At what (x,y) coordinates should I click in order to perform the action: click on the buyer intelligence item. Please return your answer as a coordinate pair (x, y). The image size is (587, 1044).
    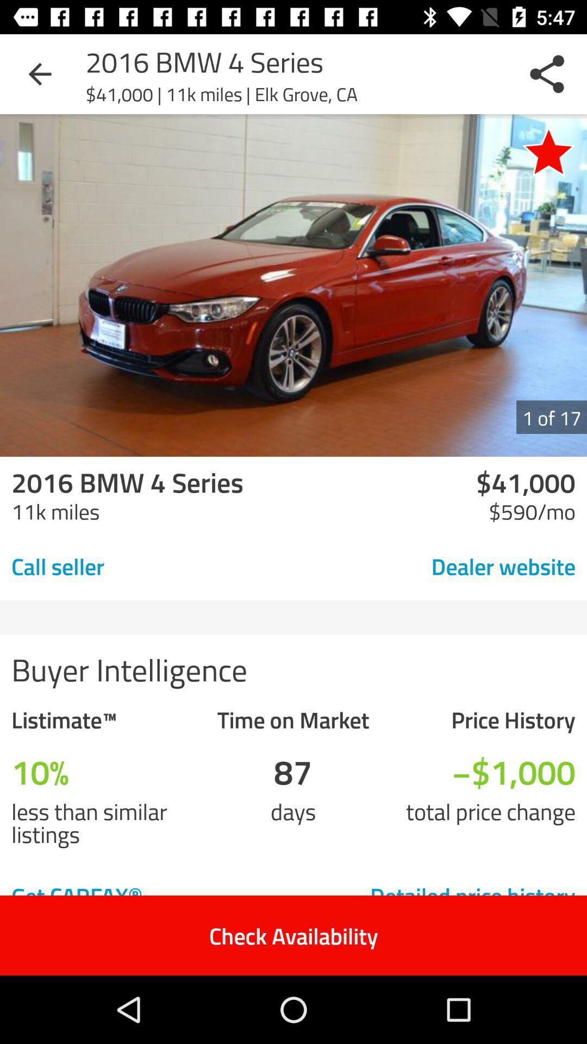
    Looking at the image, I should click on (293, 668).